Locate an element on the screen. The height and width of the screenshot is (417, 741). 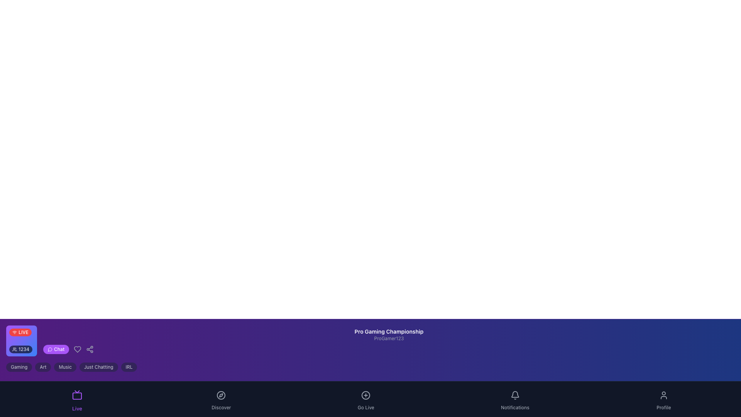
the decorative rectangular element within the 'Live' TV-shaped icon located in the bottom navigation bar is located at coordinates (77, 396).